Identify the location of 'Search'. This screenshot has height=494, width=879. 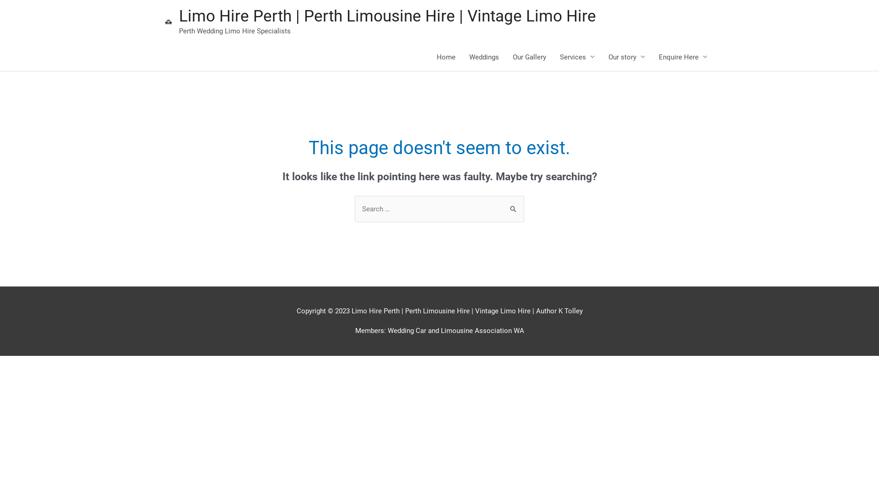
(514, 204).